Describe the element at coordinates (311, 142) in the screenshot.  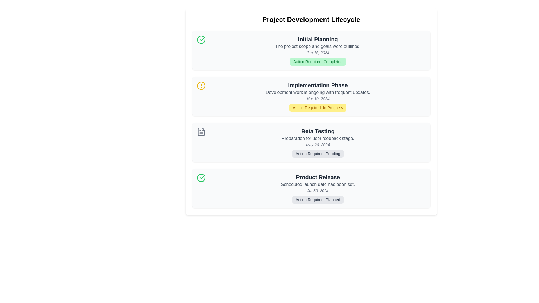
I see `details of the Card Component titled 'Beta Testing' which is the third card in the list under 'Project Development Lifecycle'` at that location.